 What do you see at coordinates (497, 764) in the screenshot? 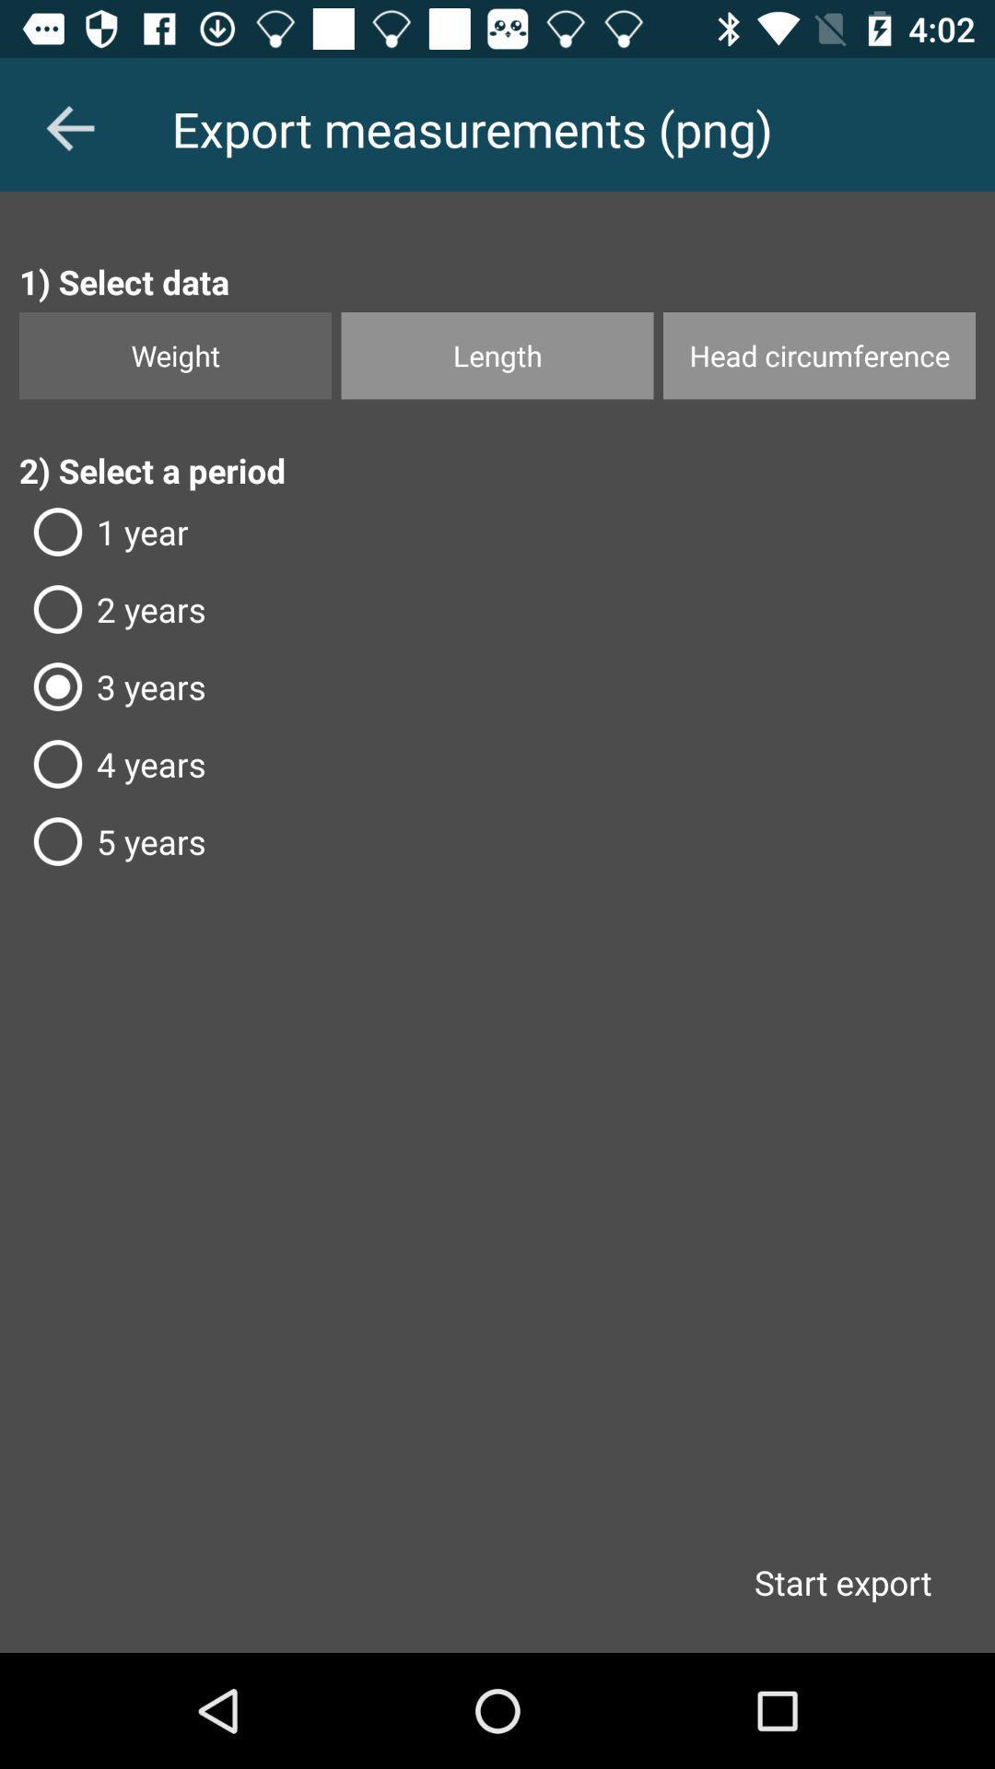
I see `icon below 3 years` at bounding box center [497, 764].